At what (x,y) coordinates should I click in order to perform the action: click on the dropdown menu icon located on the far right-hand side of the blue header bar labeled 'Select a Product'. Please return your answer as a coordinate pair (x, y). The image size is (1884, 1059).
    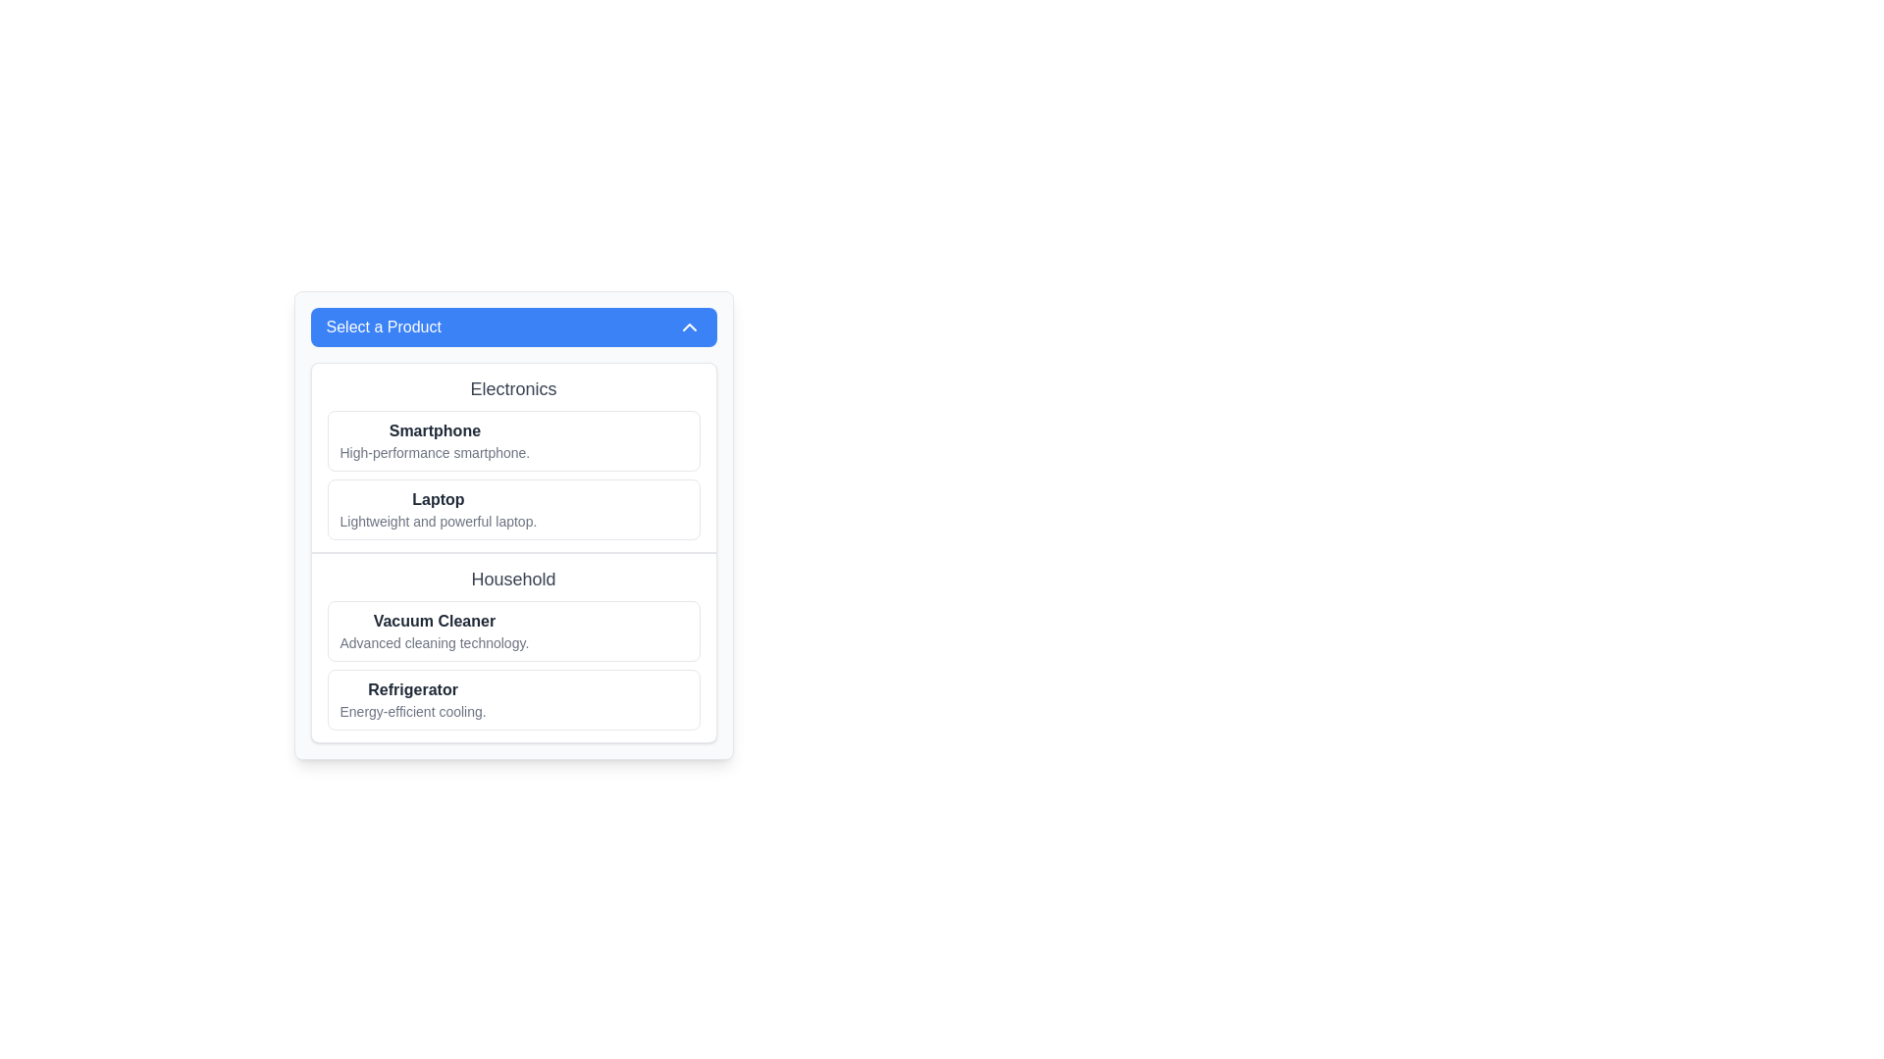
    Looking at the image, I should click on (689, 327).